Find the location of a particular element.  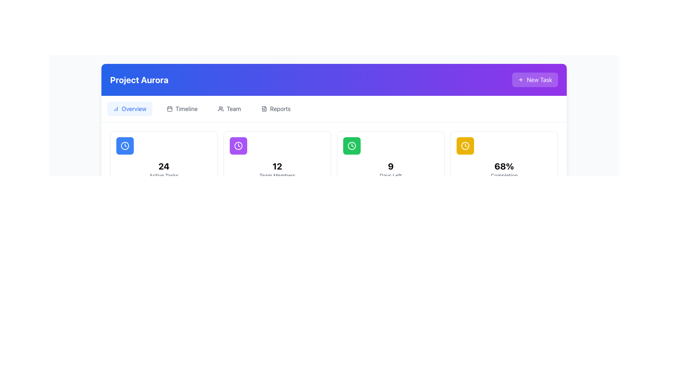

the text label that provides context for the numeral '9', located beneath it in the third card from the left is located at coordinates (390, 175).